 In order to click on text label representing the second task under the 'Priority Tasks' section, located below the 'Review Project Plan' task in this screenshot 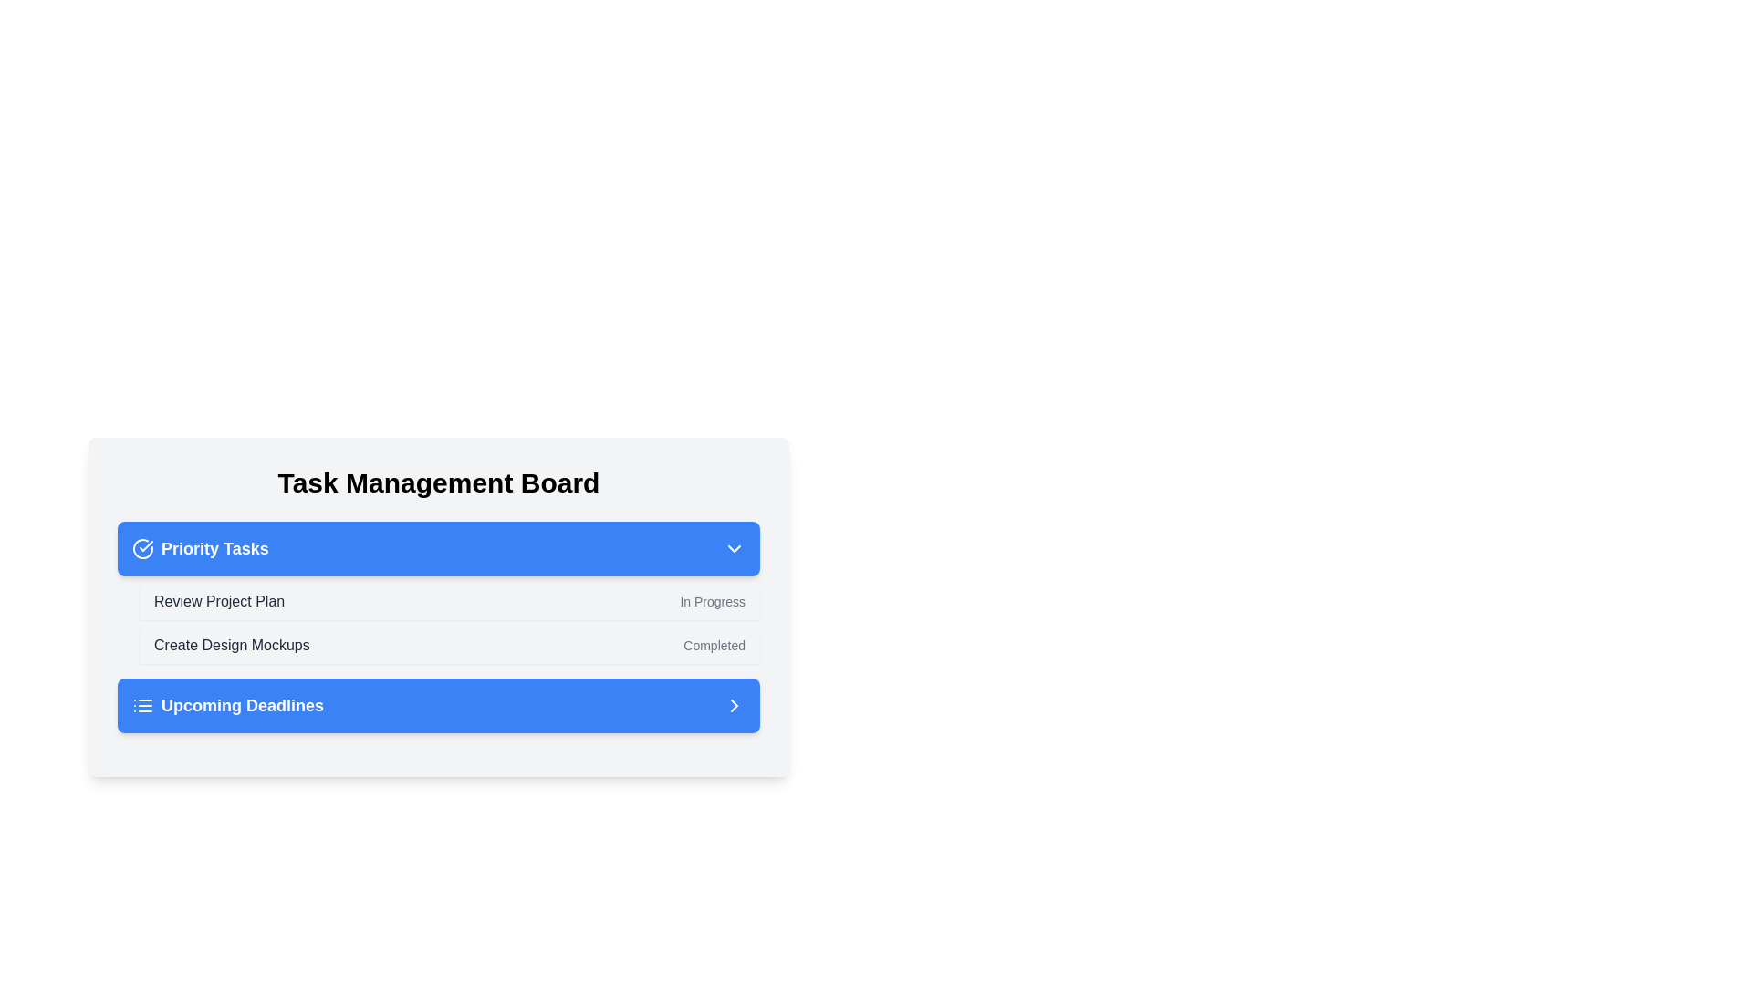, I will do `click(231, 644)`.